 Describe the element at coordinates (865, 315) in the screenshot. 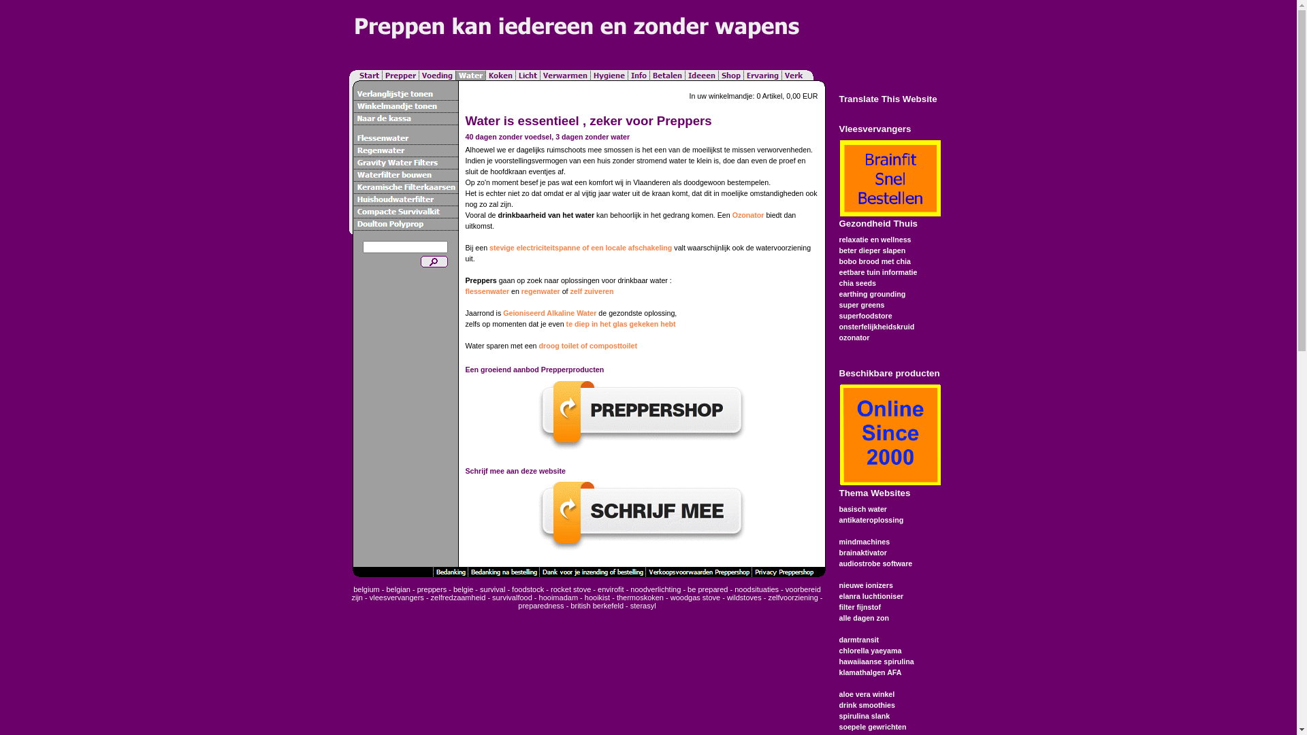

I see `'superfoodstore'` at that location.